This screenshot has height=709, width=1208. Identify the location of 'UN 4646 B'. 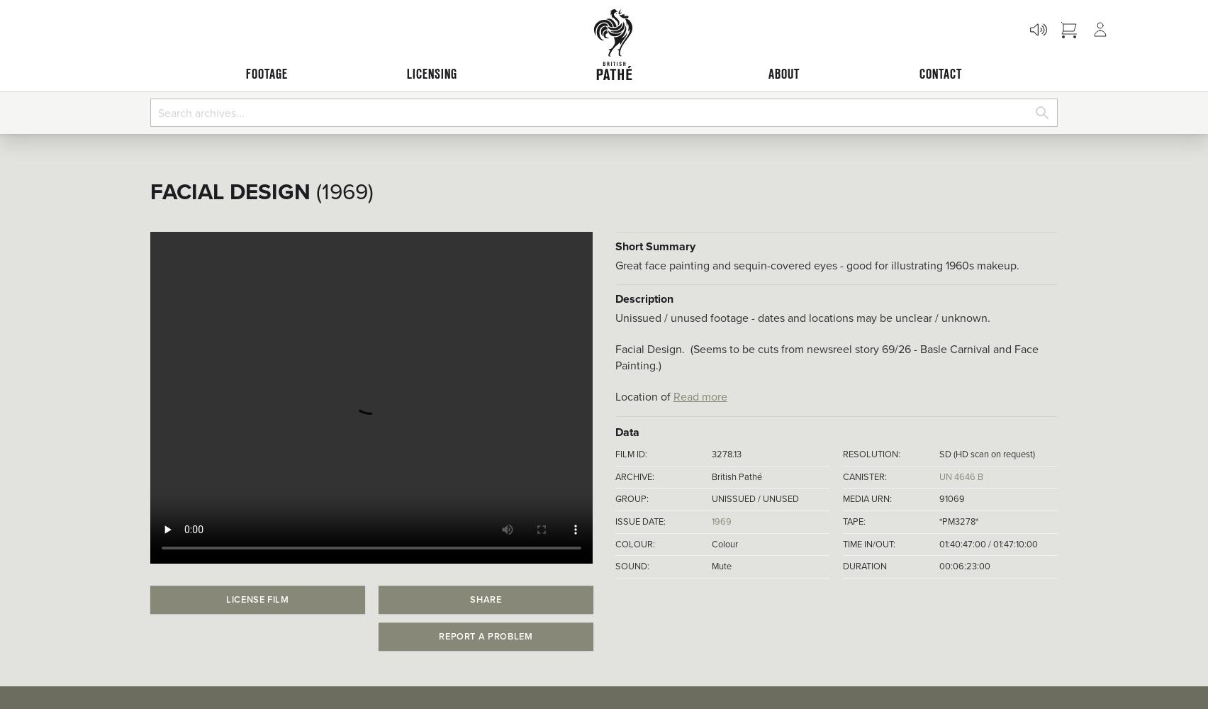
(961, 476).